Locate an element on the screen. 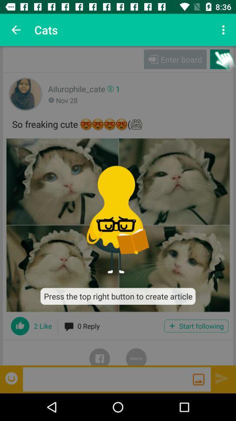 This screenshot has width=236, height=421. open emoji selection is located at coordinates (12, 378).